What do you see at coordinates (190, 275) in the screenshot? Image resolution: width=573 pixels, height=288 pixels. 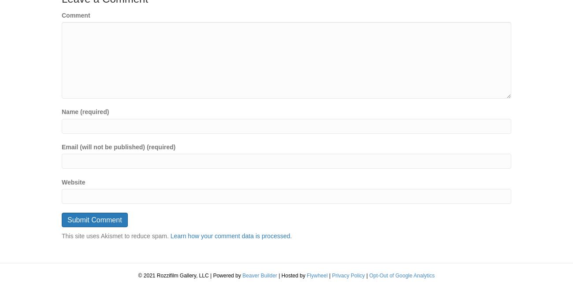 I see `'© 2021 Rozzifilm Gallery, LLC  |  Powered by'` at bounding box center [190, 275].